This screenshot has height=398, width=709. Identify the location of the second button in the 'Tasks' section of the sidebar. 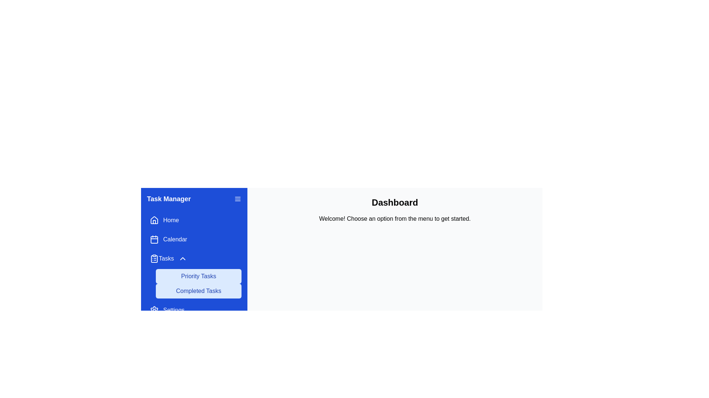
(198, 291).